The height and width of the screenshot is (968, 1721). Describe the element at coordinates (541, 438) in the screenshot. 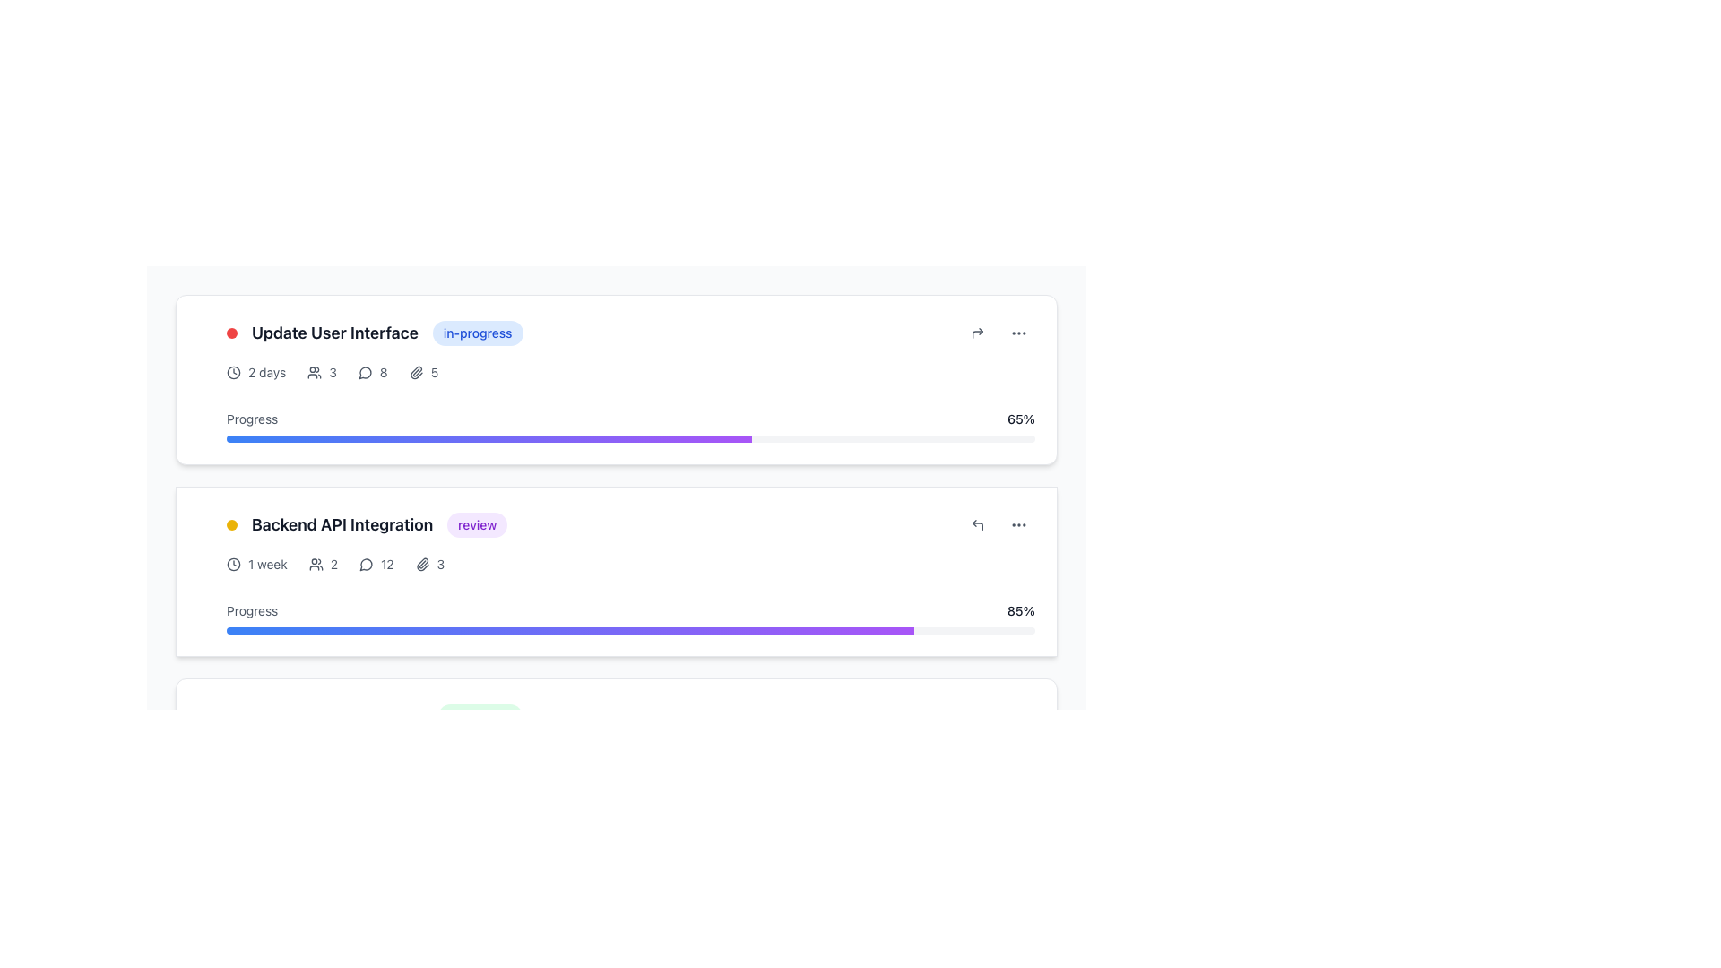

I see `progress` at that location.